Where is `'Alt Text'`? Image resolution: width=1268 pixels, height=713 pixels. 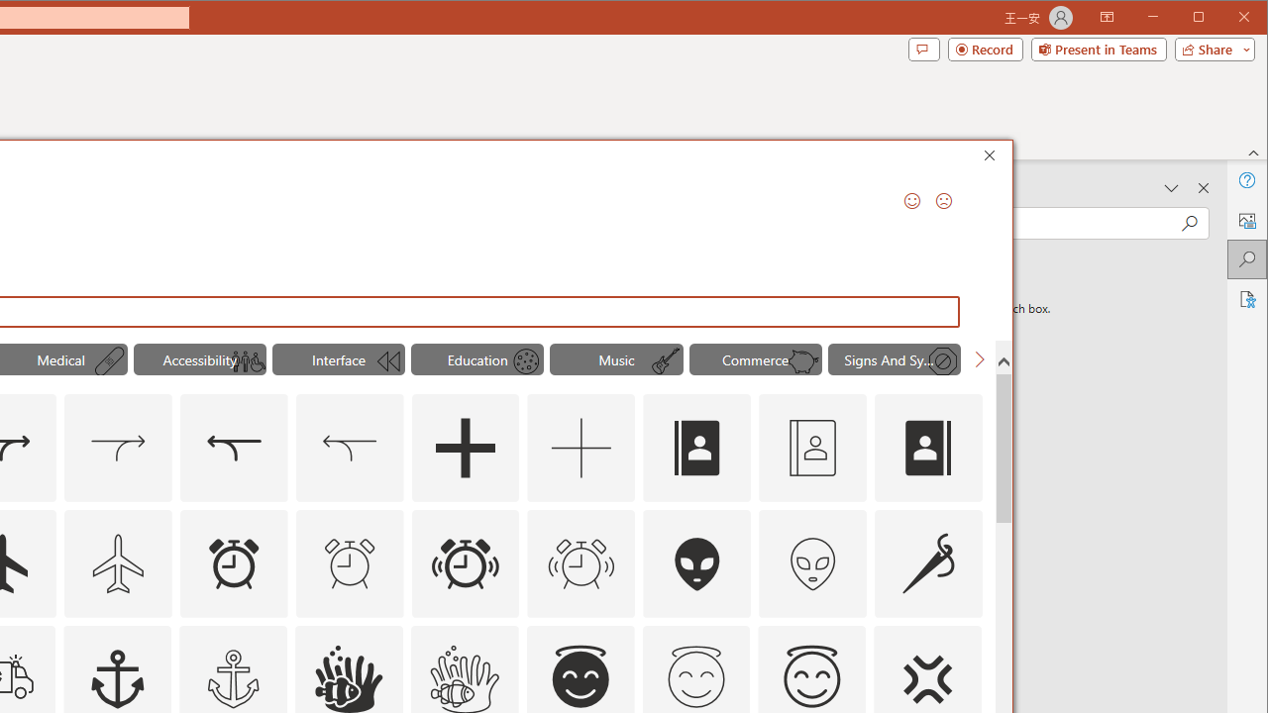
'Alt Text' is located at coordinates (1245, 220).